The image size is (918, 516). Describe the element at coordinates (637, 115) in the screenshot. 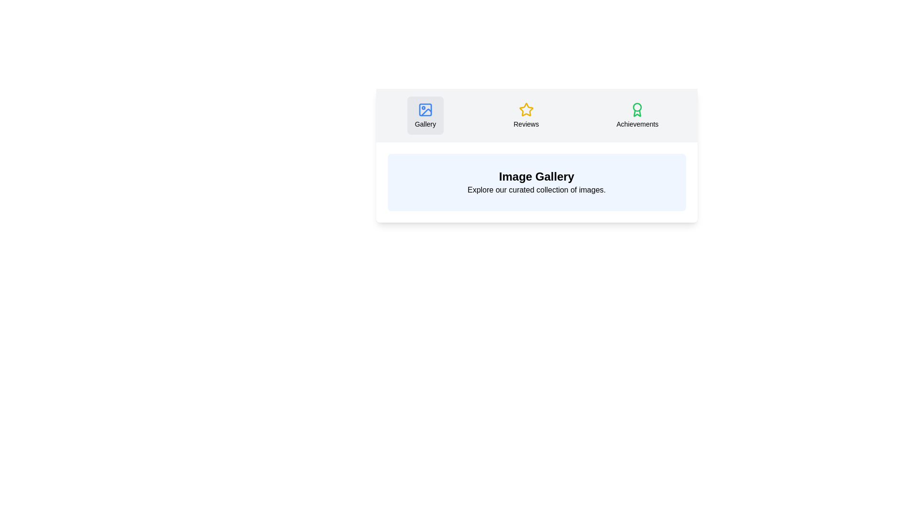

I see `the Achievements tab by clicking on its button` at that location.